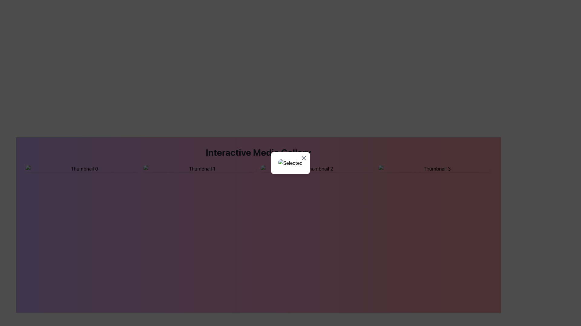 Image resolution: width=581 pixels, height=326 pixels. What do you see at coordinates (258, 152) in the screenshot?
I see `text heading that says 'Interactive Media Gallery', which is styled in large, bold dark gray text over a gradient background` at bounding box center [258, 152].